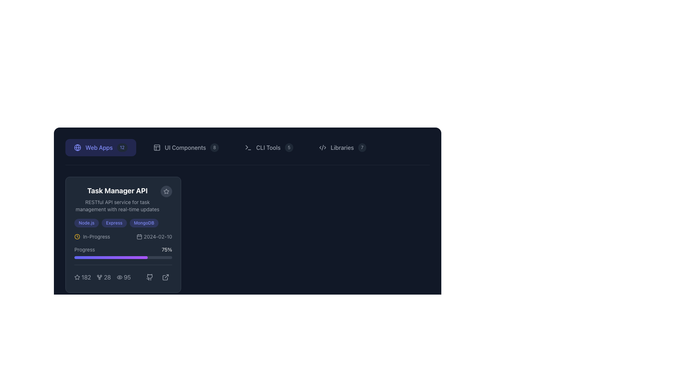 The height and width of the screenshot is (388, 690). I want to click on the eye icon representing visibility located near the bottom of a task card, which is the first component in a row containing the eye icon and text '95', so click(119, 277).